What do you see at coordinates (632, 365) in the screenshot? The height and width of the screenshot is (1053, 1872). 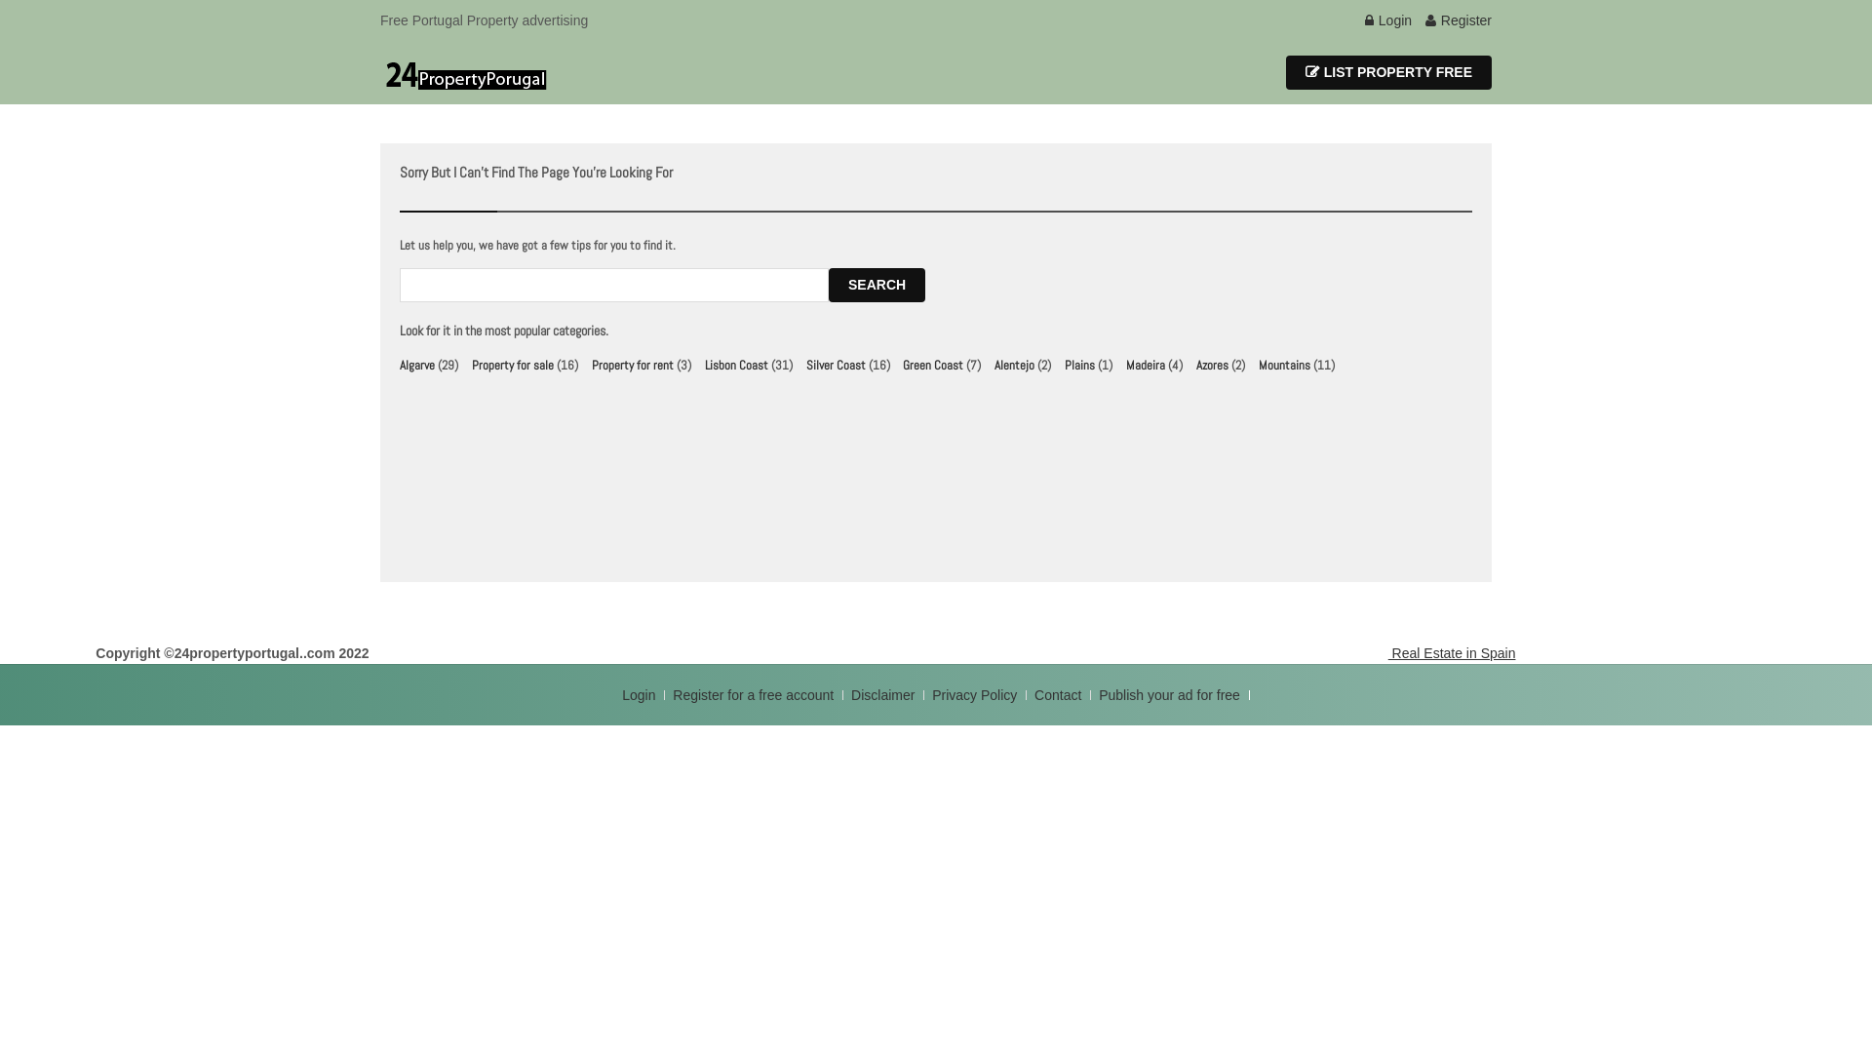 I see `'Property for rent'` at bounding box center [632, 365].